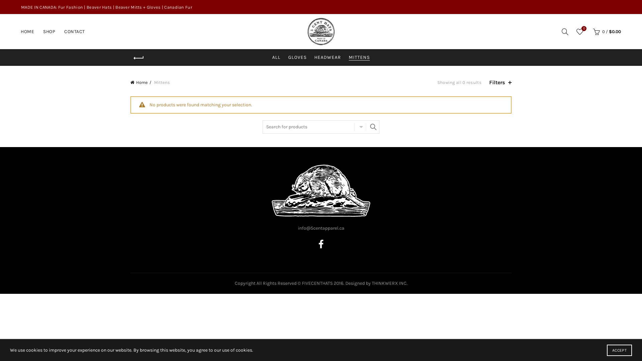 The width and height of the screenshot is (642, 361). I want to click on 'CONTACT', so click(74, 31).